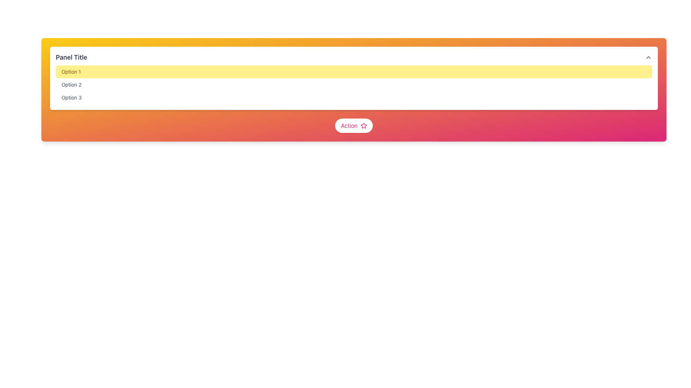 This screenshot has height=388, width=691. Describe the element at coordinates (354, 125) in the screenshot. I see `the rounded-full button with a white background and pink text labeled 'Action', which also features a pink outline of a star icon` at that location.